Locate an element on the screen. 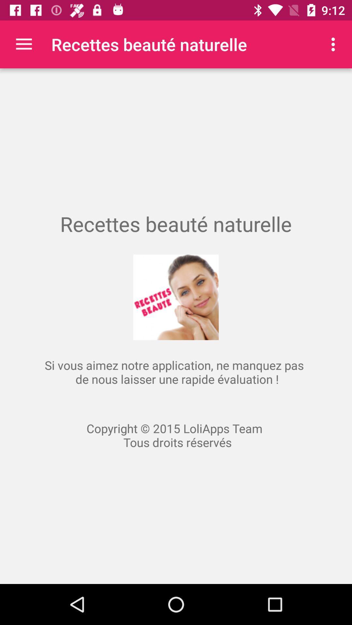  the icon above the copyright 2015 loliapps is located at coordinates (335, 44).